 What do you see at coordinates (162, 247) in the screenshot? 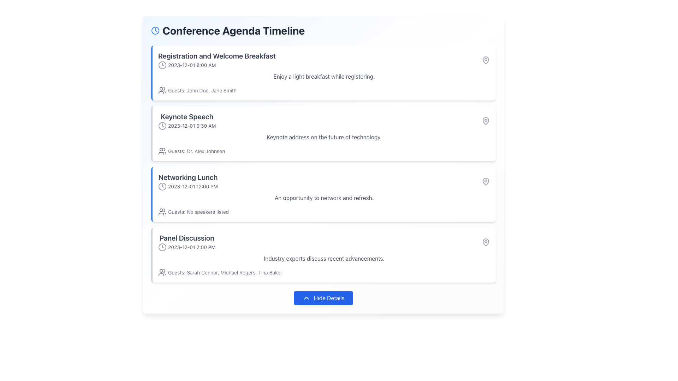
I see `the decorative circular part of the clock icon located in the 'Panel Discussion' section, which is to the immediate left of the text '2023-12-01 2:00 PM'` at bounding box center [162, 247].